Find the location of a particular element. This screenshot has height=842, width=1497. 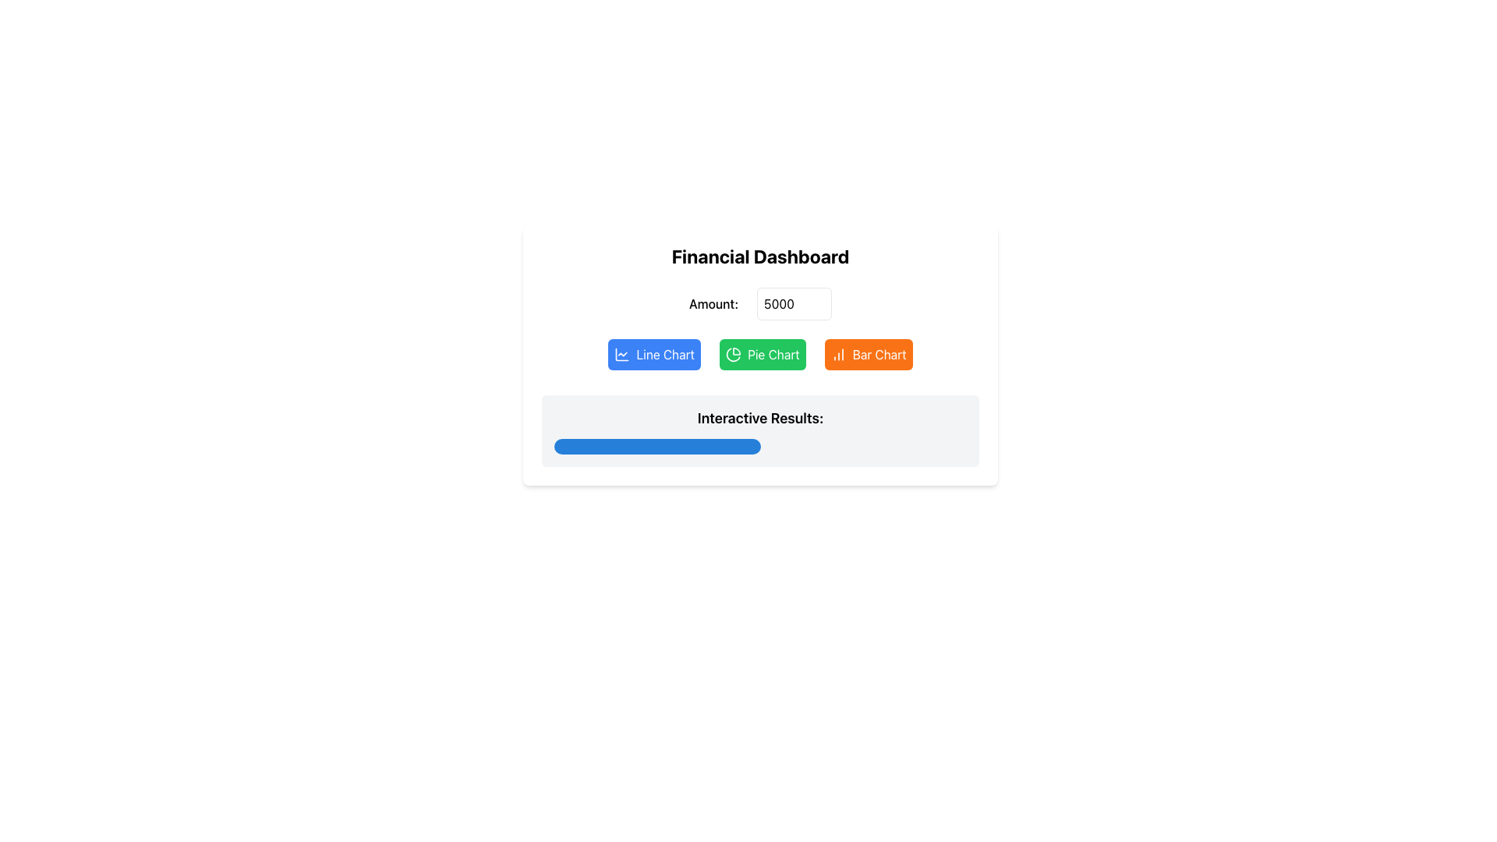

the Pie Chart button, which is the second button in a group of three horizontally-aligned buttons, positioned centrally between the 'Line Chart' button (blue) on the left and the 'Bar Chart' button (orange) on the right is located at coordinates (760, 355).